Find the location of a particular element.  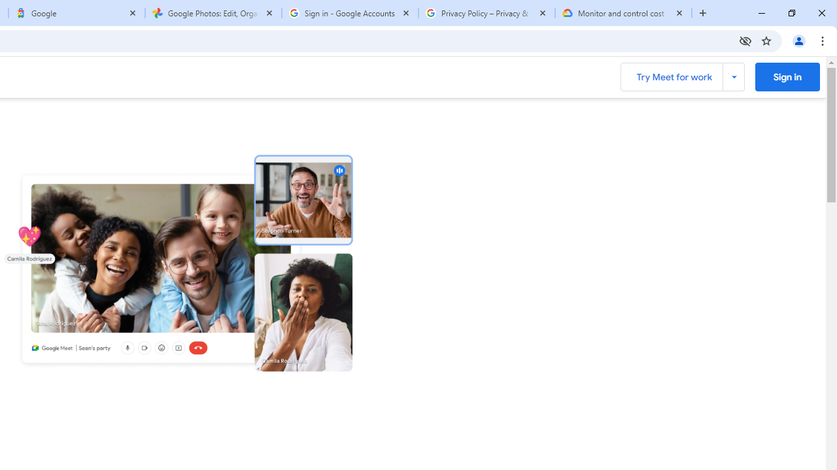

'Try Meet for work' is located at coordinates (681, 77).